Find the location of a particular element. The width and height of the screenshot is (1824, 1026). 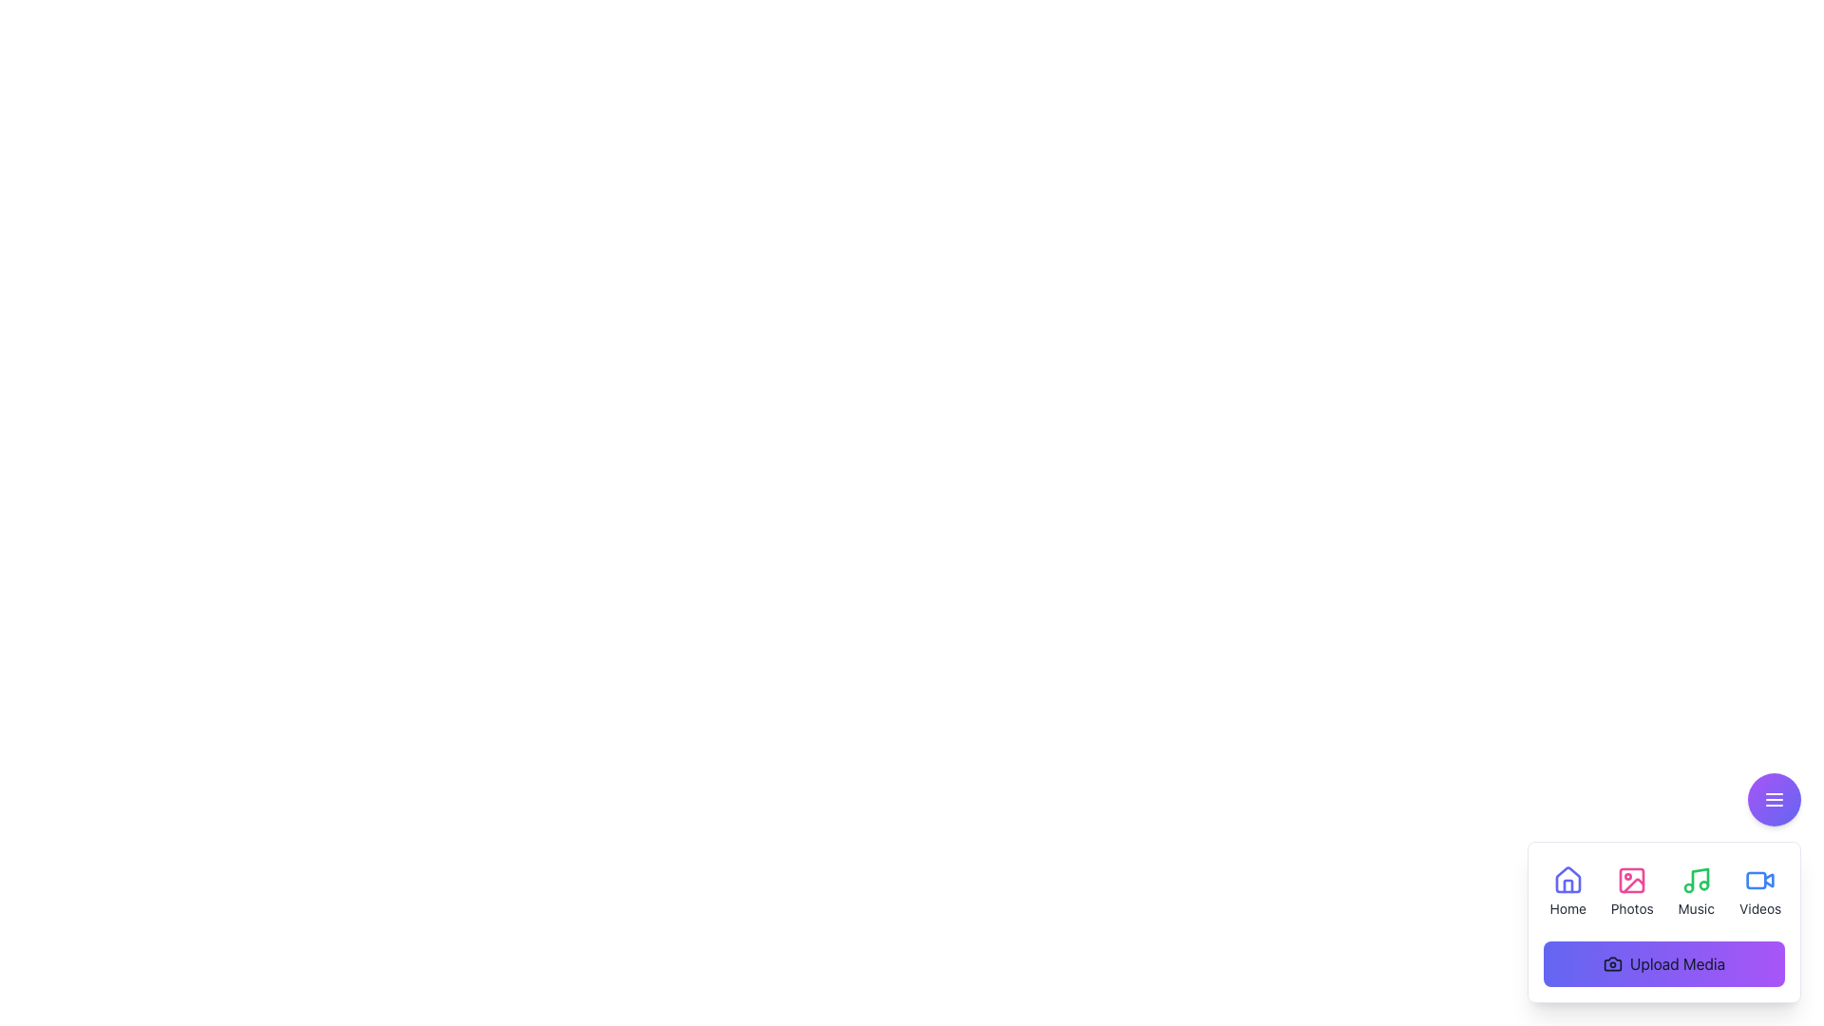

the 'Music' text label, which is styled in a small font size ('text-sm') and positioned centrally below the music note icon within the navigation options of the modal pop-up is located at coordinates (1696, 907).